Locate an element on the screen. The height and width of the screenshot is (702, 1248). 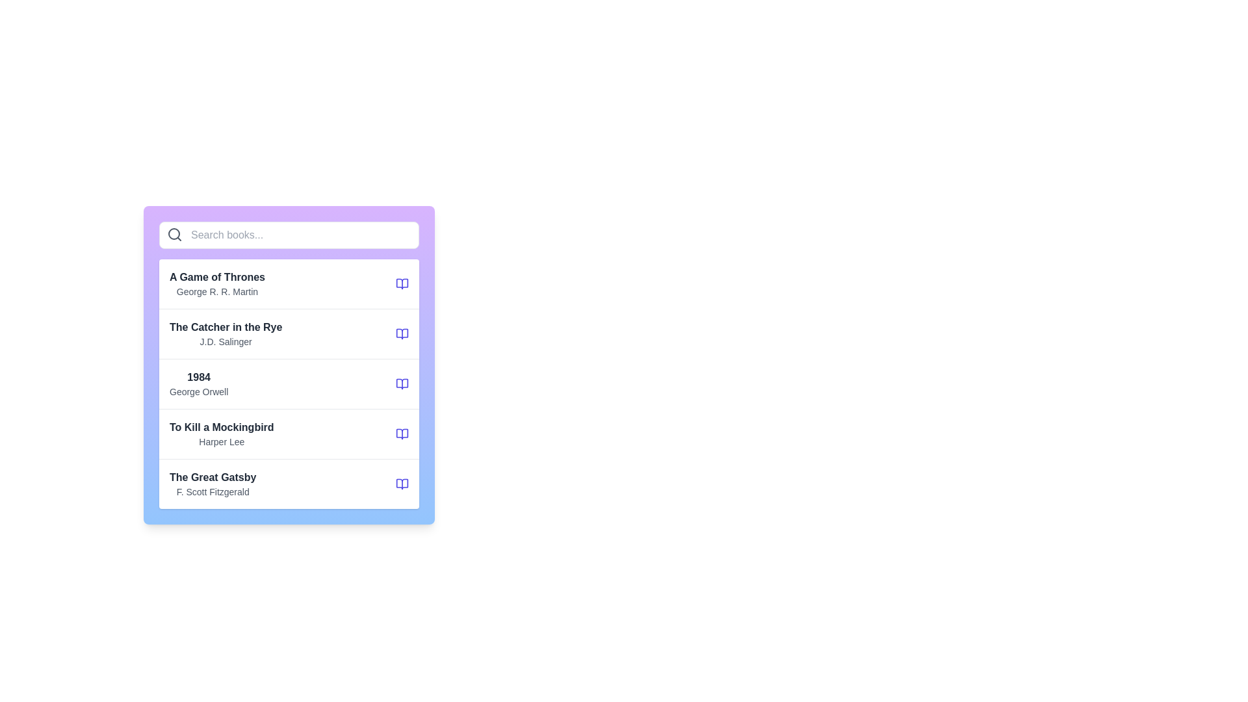
the list item displaying the book title 'To Kill a Mockingbird' by clicking on it to view details is located at coordinates (289, 434).